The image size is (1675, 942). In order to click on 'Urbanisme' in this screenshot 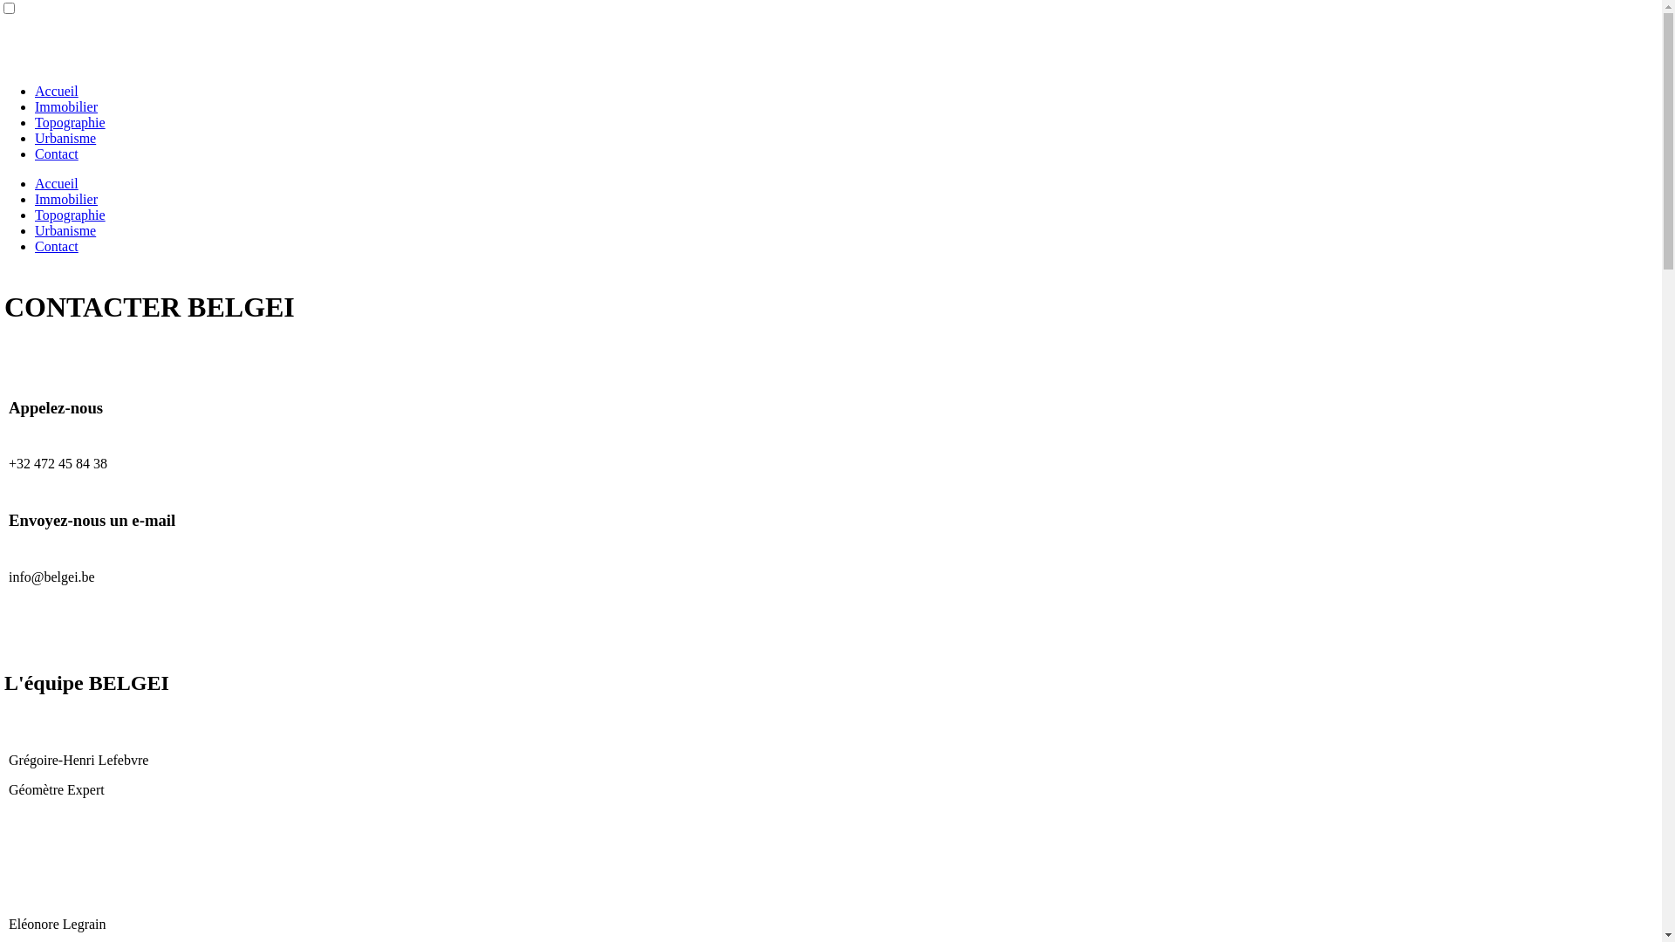, I will do `click(65, 229)`.